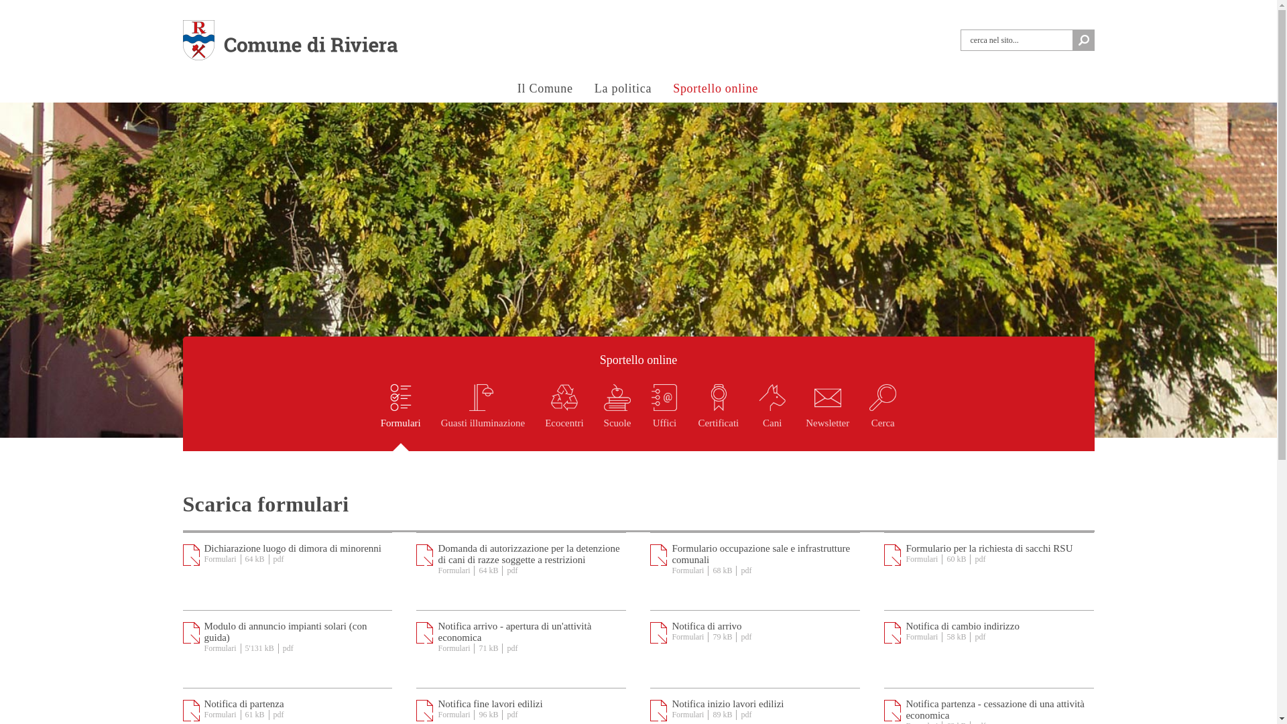  Describe the element at coordinates (440, 417) in the screenshot. I see `'Guasti illuminazione'` at that location.